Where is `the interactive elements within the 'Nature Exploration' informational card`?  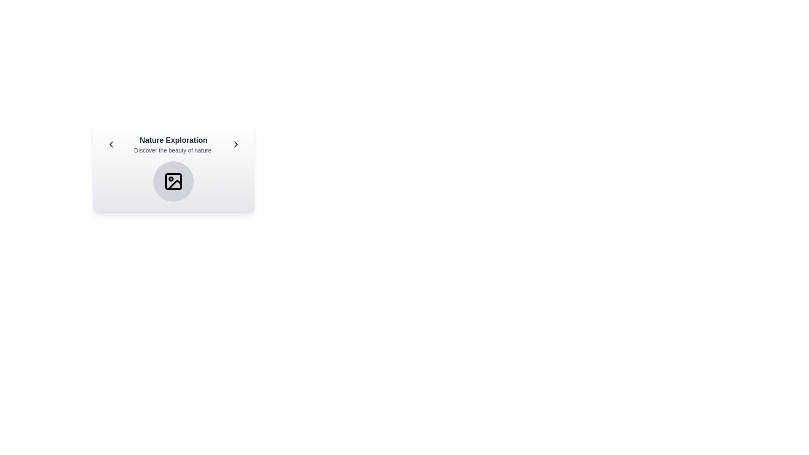
the interactive elements within the 'Nature Exploration' informational card is located at coordinates (173, 168).